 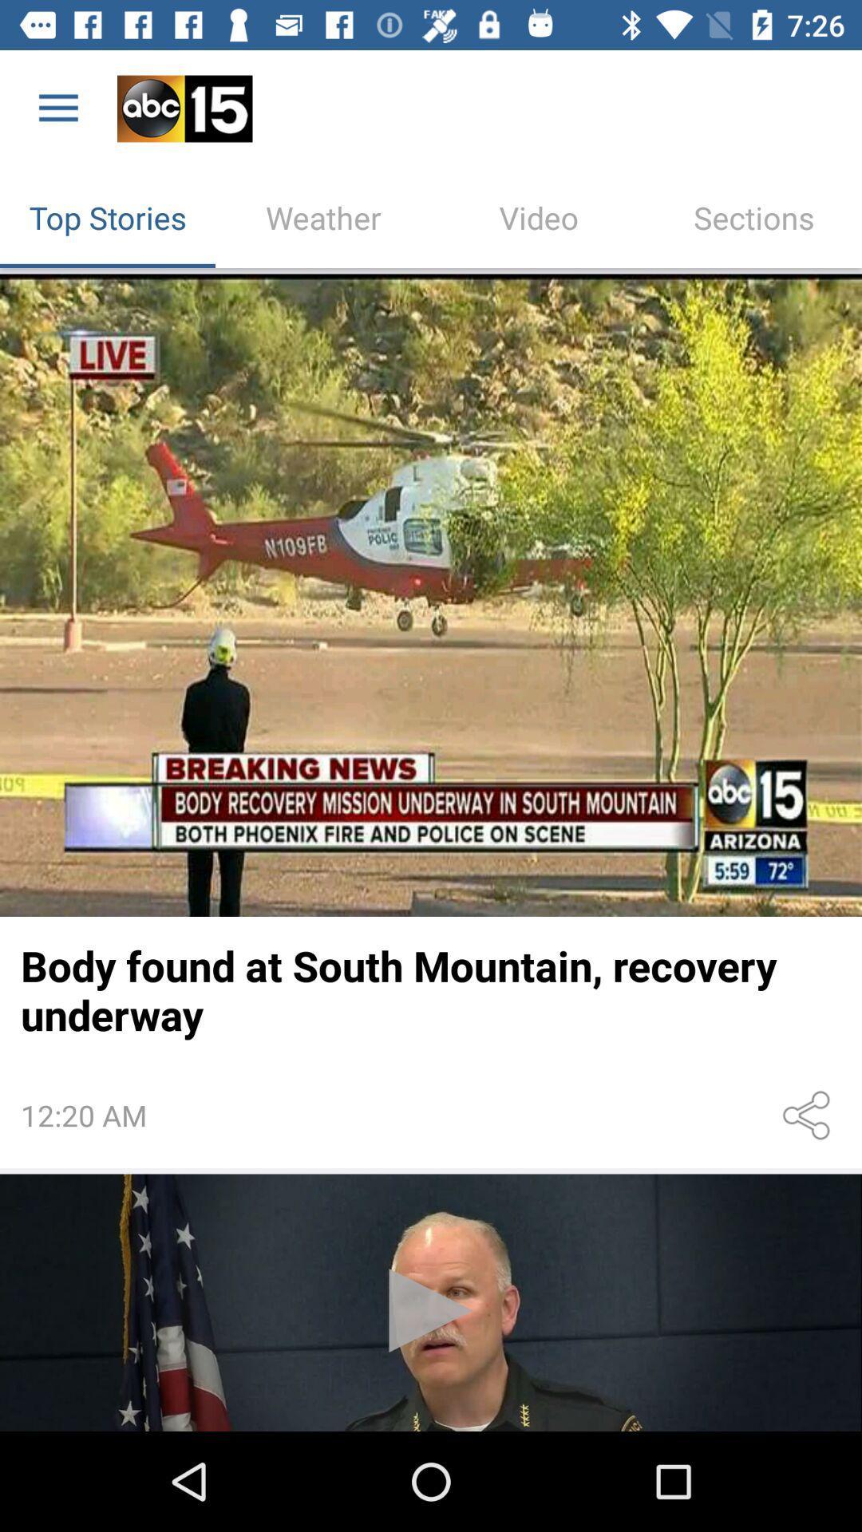 I want to click on share option, so click(x=809, y=1115).